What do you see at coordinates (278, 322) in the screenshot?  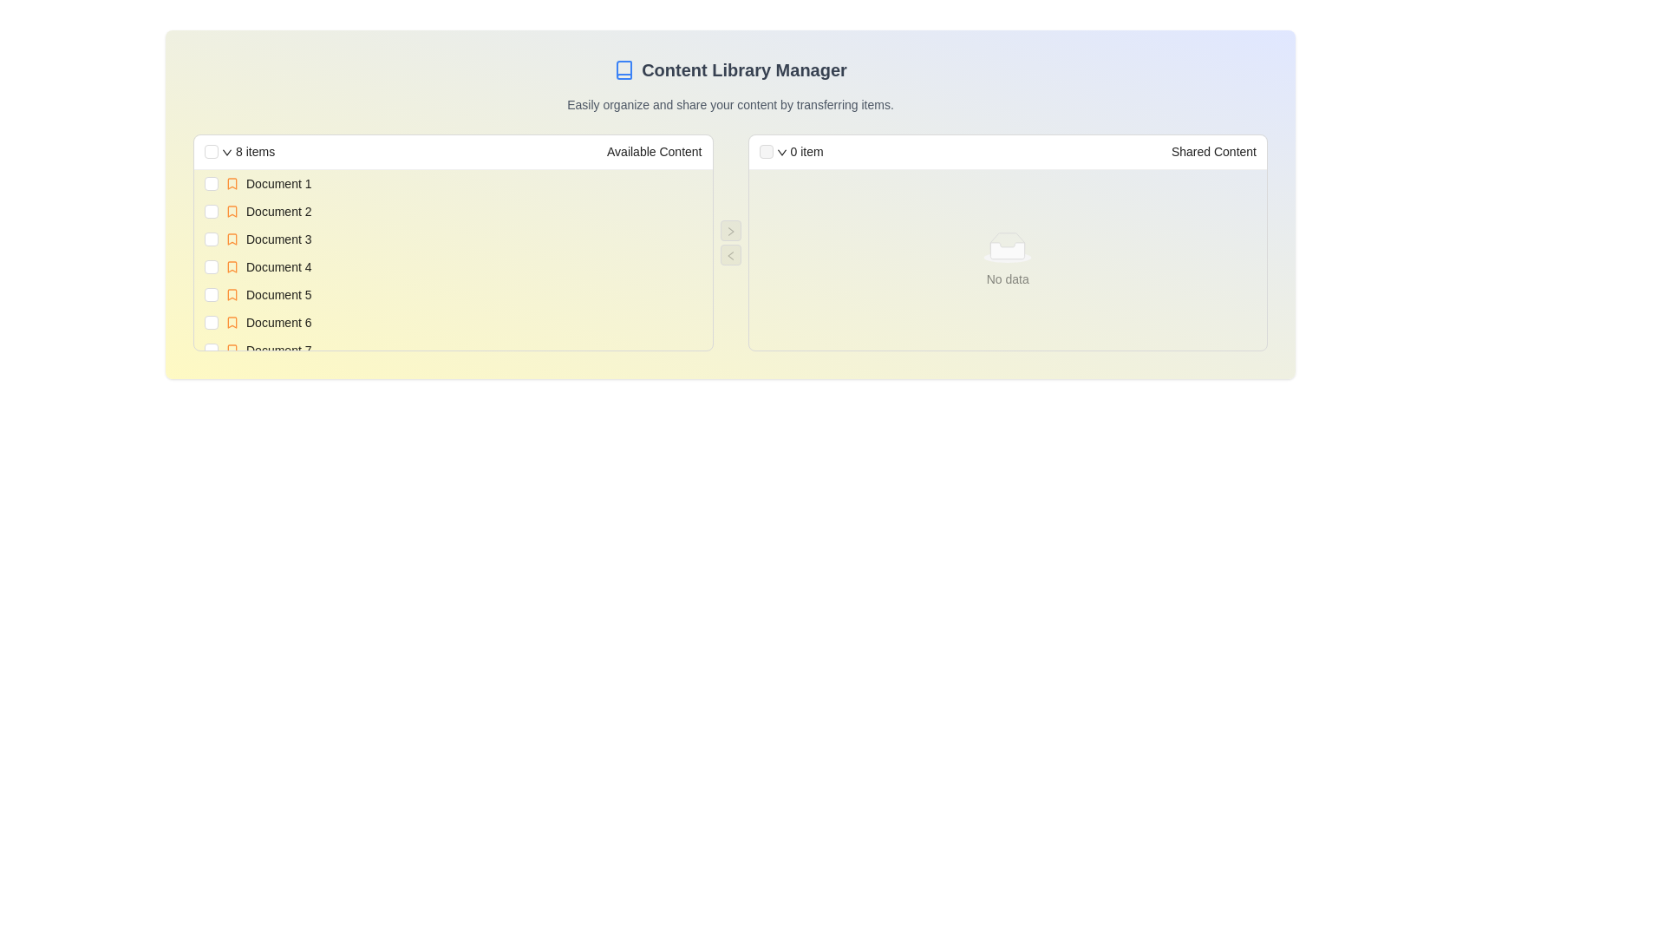 I see `the text label displaying 'Document 6' located adjacent to the bookmark icon in the sixth position of the 'Available Content' section` at bounding box center [278, 322].